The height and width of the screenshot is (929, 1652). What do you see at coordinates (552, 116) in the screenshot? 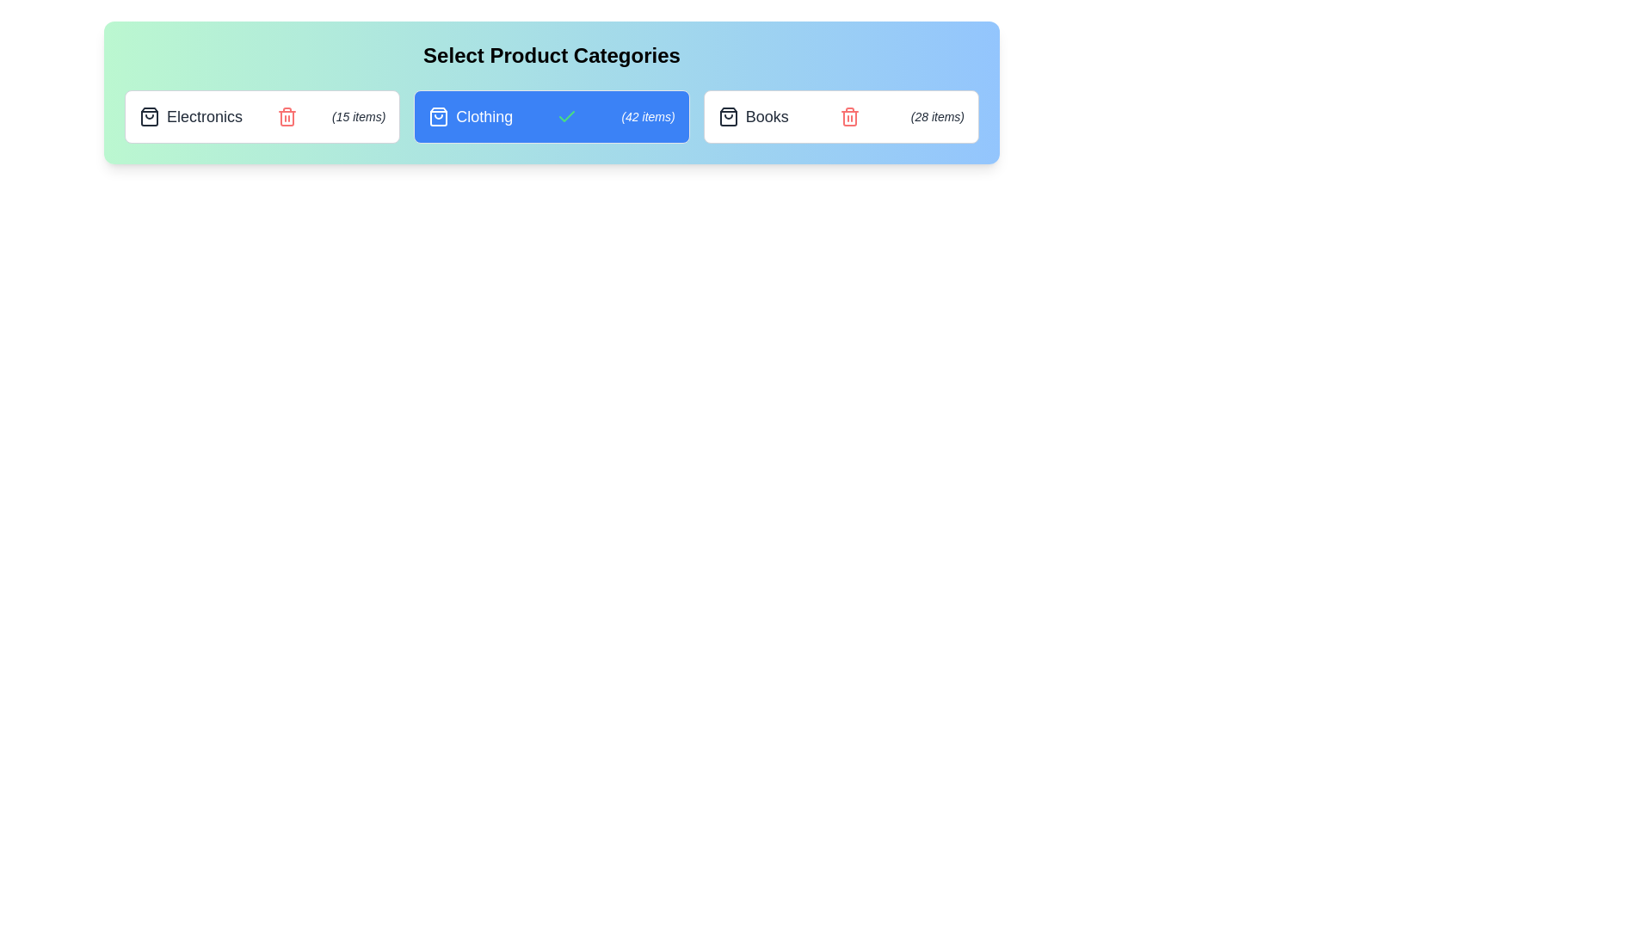
I see `the category Clothing by clicking on its corresponding area` at bounding box center [552, 116].